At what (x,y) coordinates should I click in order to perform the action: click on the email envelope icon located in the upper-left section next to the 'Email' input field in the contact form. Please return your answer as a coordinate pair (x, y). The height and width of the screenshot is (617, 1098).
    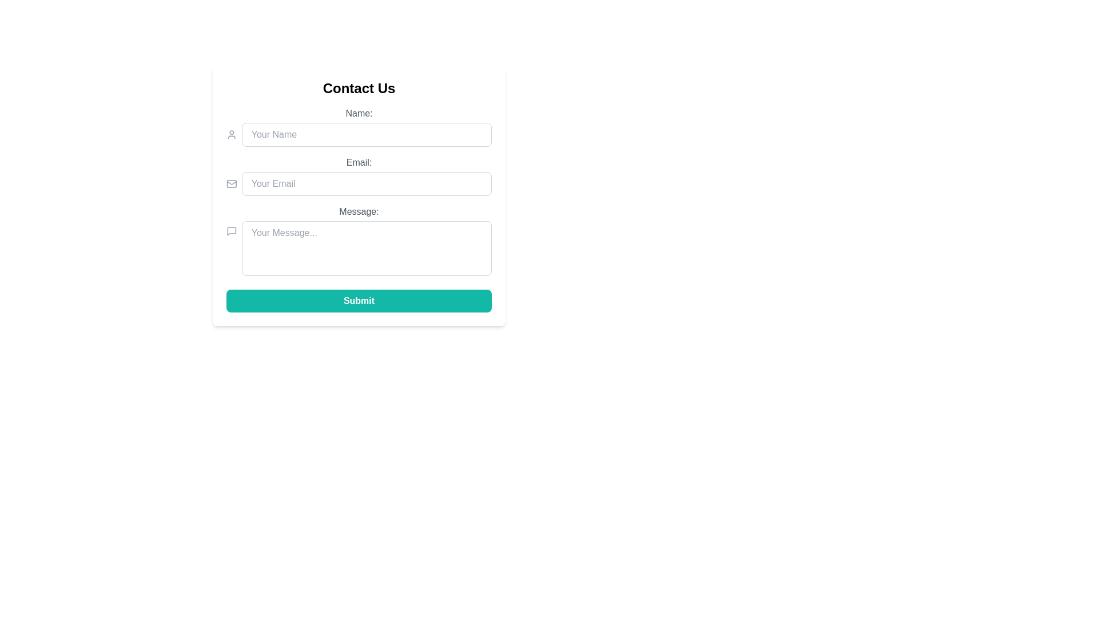
    Looking at the image, I should click on (231, 183).